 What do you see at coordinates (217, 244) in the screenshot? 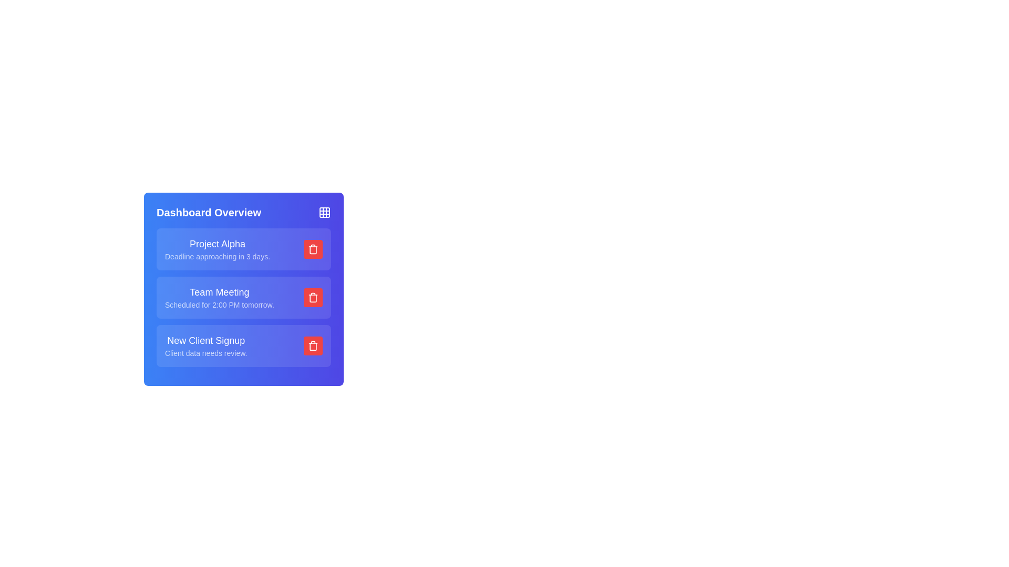
I see `the text label 'Project Alpha', which is displayed in bold white font against a blue background, located at the top of a vertical list inside a blue dashboard card` at bounding box center [217, 244].